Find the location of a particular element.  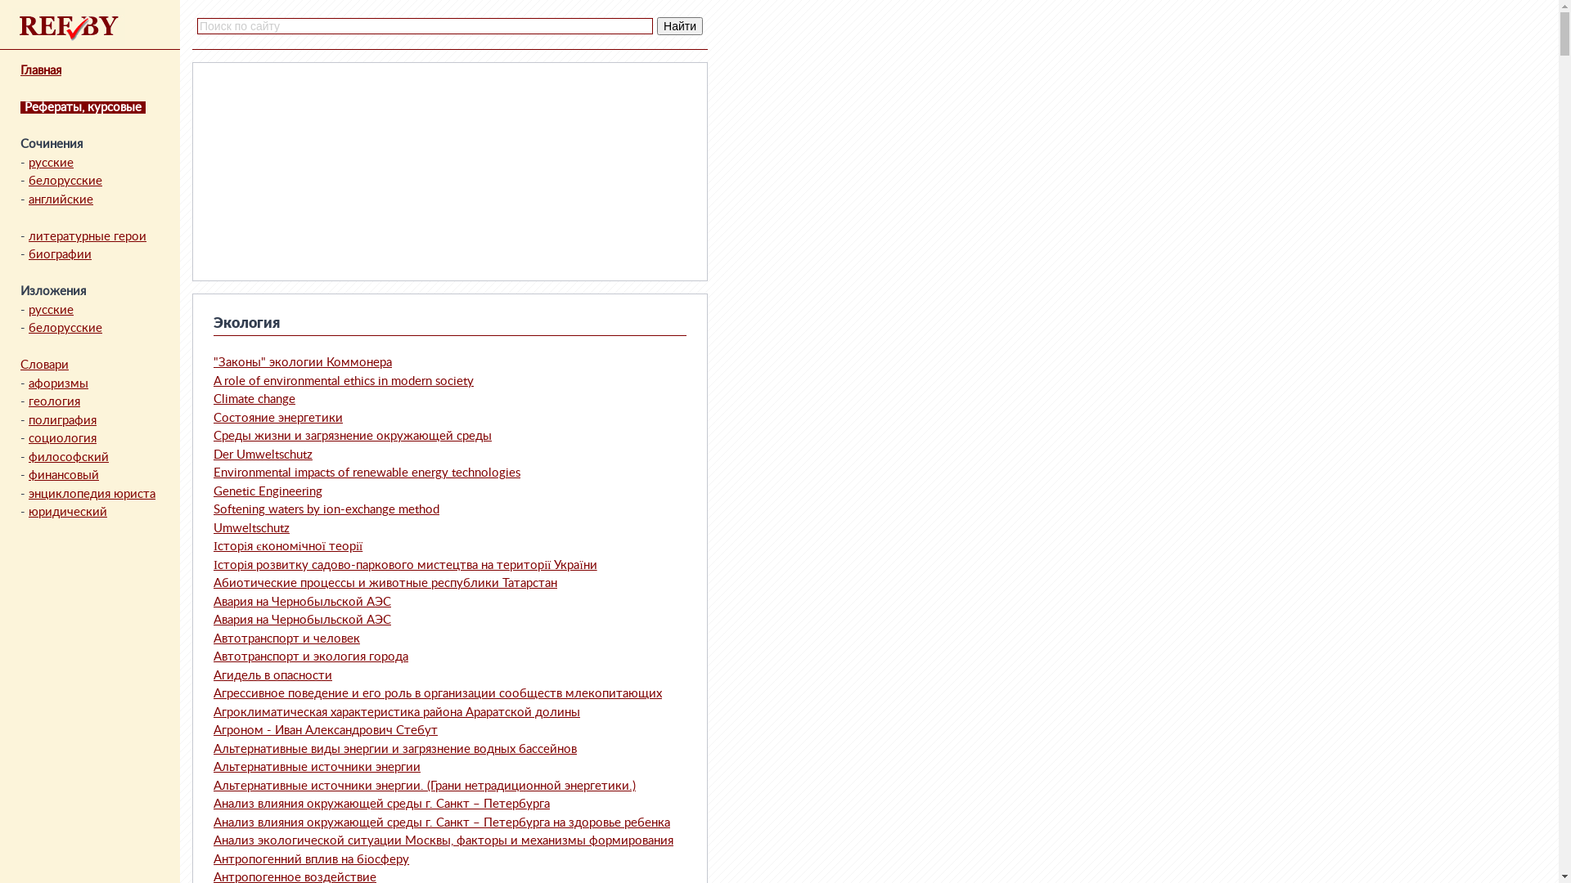

'Environmental impacts of renewable energy technologies' is located at coordinates (366, 473).